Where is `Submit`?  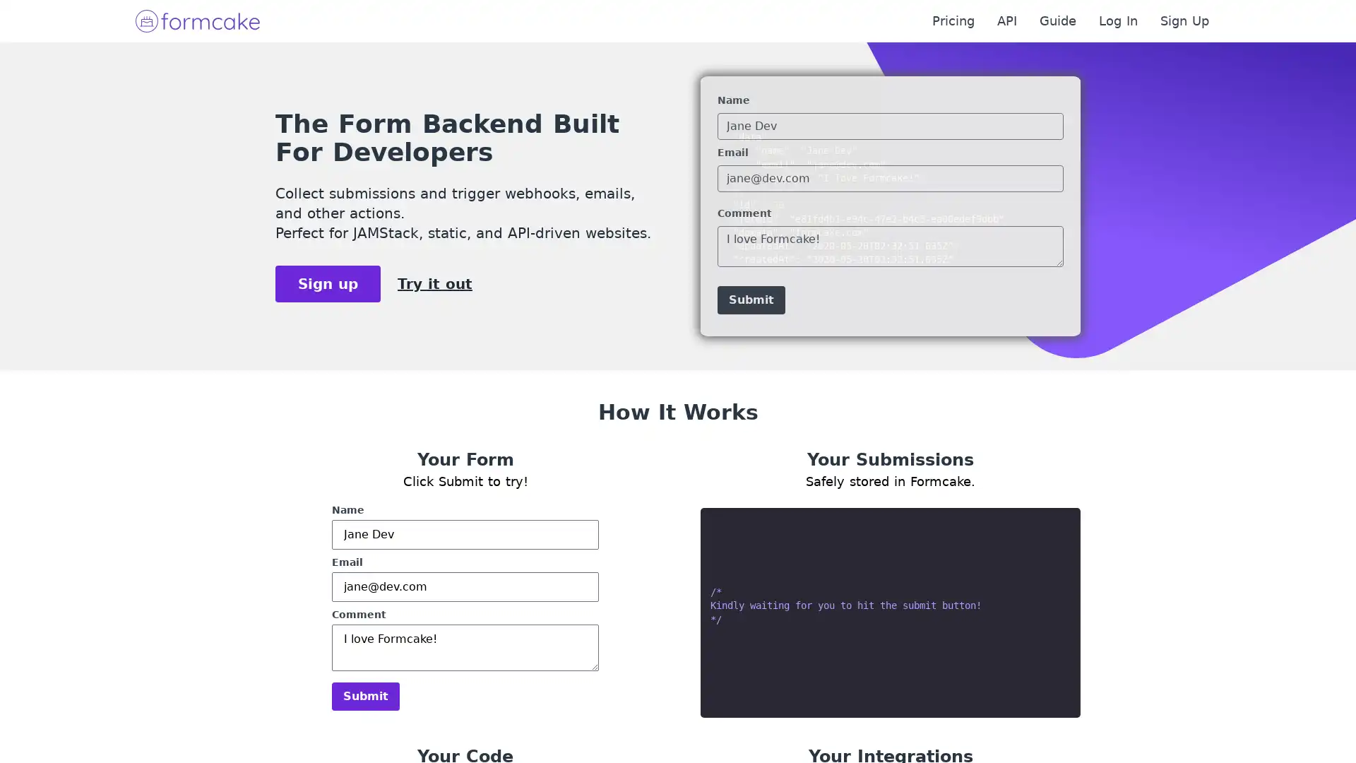
Submit is located at coordinates (366, 694).